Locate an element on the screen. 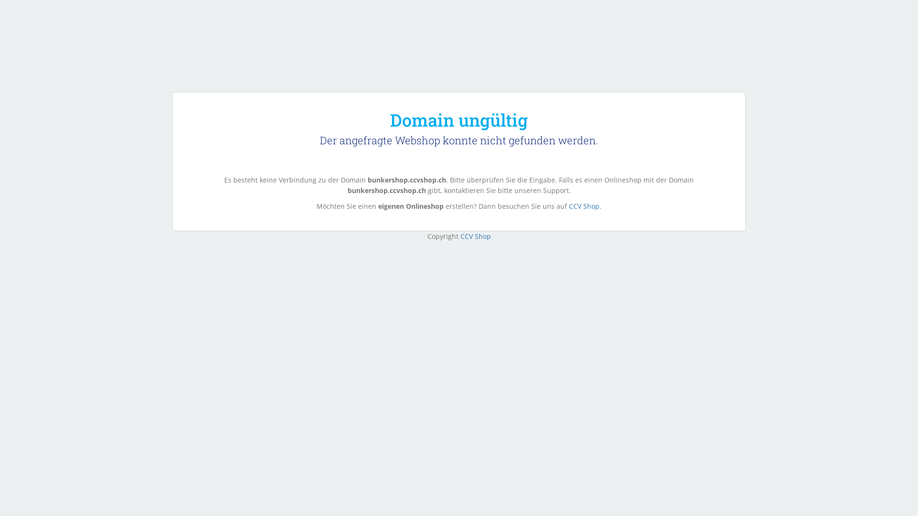 This screenshot has width=918, height=516. 'CCV Shop' is located at coordinates (584, 205).